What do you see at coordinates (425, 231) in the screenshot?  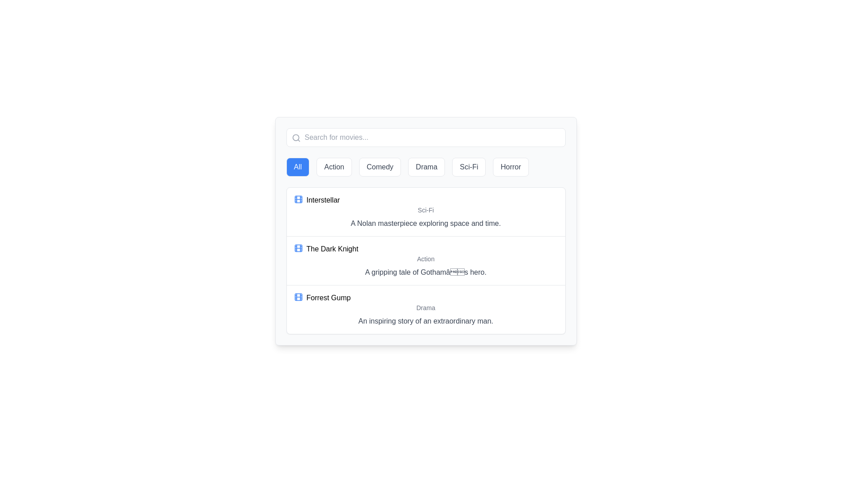 I see `the Informational card for the movie 'Interstellar'` at bounding box center [425, 231].